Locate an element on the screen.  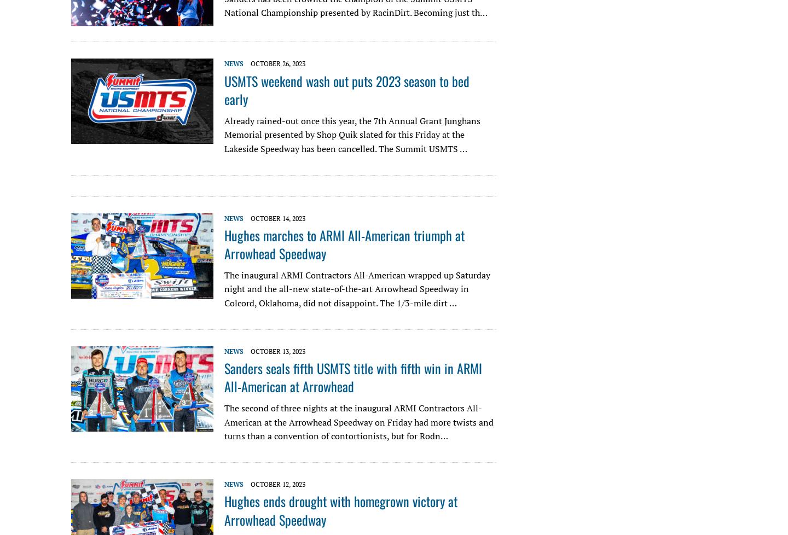
'Hughes ends drought with homegrown victory at Arrowhead Speedway' is located at coordinates (340, 509).